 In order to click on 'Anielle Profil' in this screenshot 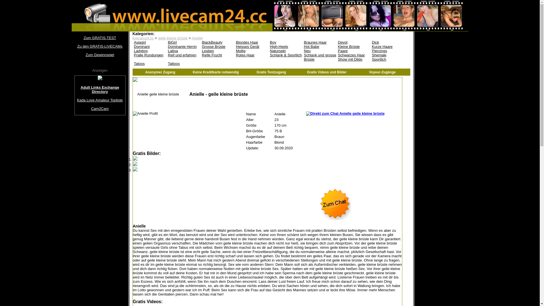, I will do `click(145, 114)`.